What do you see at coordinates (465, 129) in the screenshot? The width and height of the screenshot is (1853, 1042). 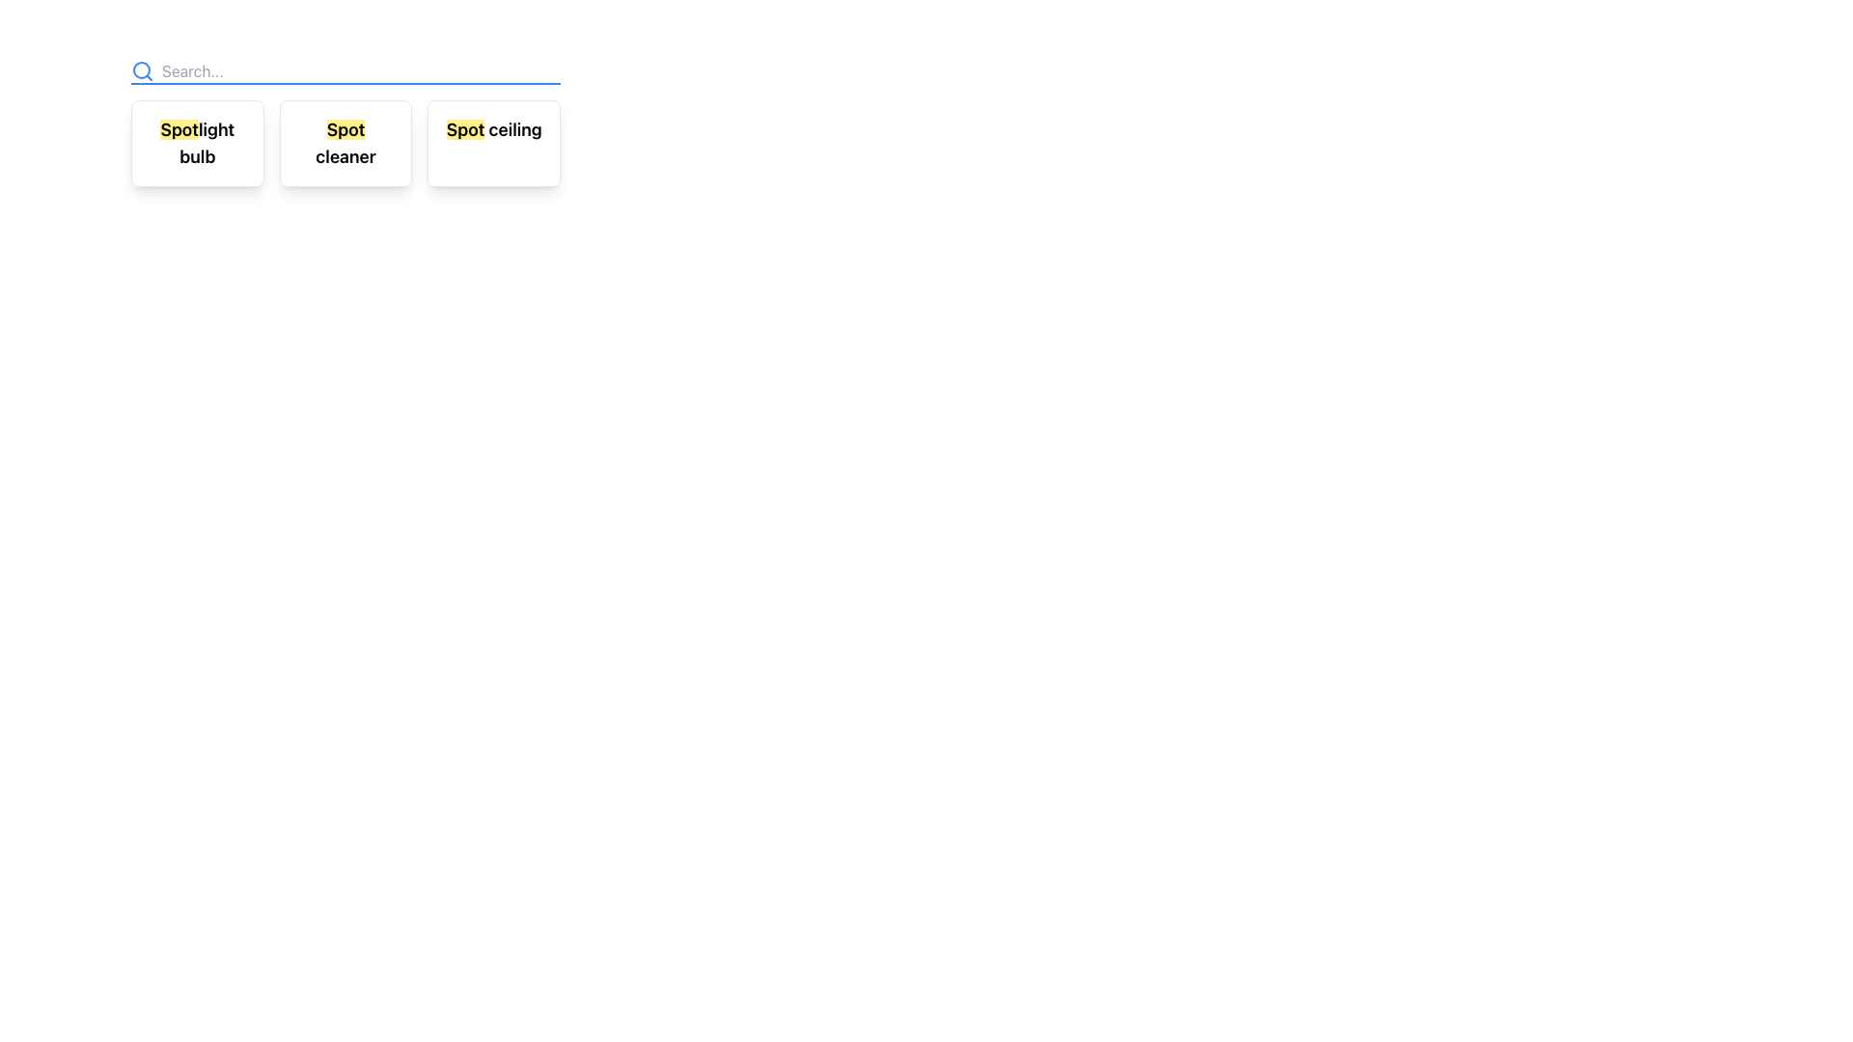 I see `the text 'Spot' which is highlighted with a yellow background and styled in bold within the phrase 'Spot ceiling'` at bounding box center [465, 129].